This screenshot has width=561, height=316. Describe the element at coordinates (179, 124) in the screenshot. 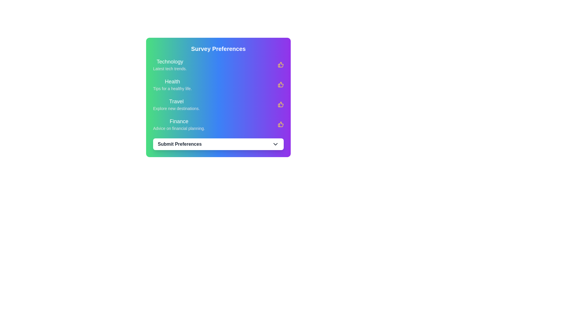

I see `the informational text label titled 'Finance' which provides advice on financial planning, located in the 'Survey Preferences' card layout, as the fourth entry in the list` at that location.